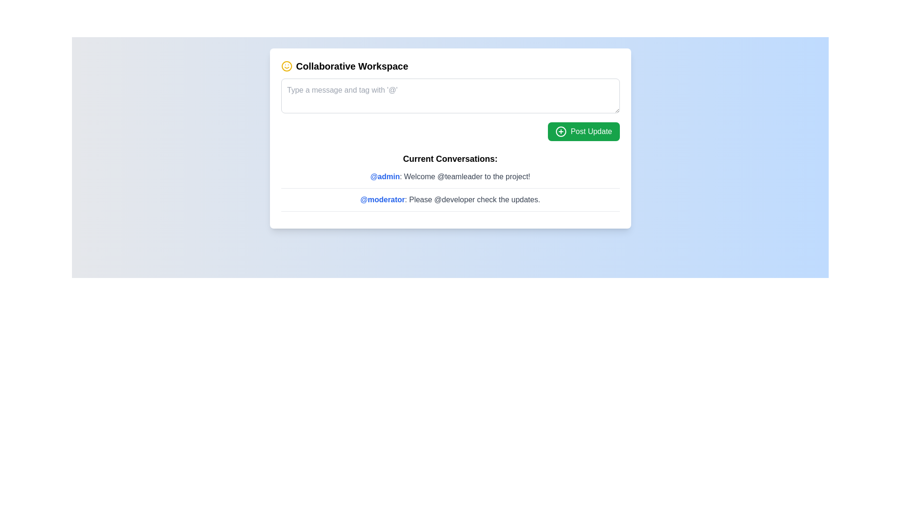 The width and height of the screenshot is (903, 508). Describe the element at coordinates (561, 132) in the screenshot. I see `the icon within the 'Post Update' button, which serves as a visual indicator for posting updates, located to the left of the text 'Post Update'` at that location.